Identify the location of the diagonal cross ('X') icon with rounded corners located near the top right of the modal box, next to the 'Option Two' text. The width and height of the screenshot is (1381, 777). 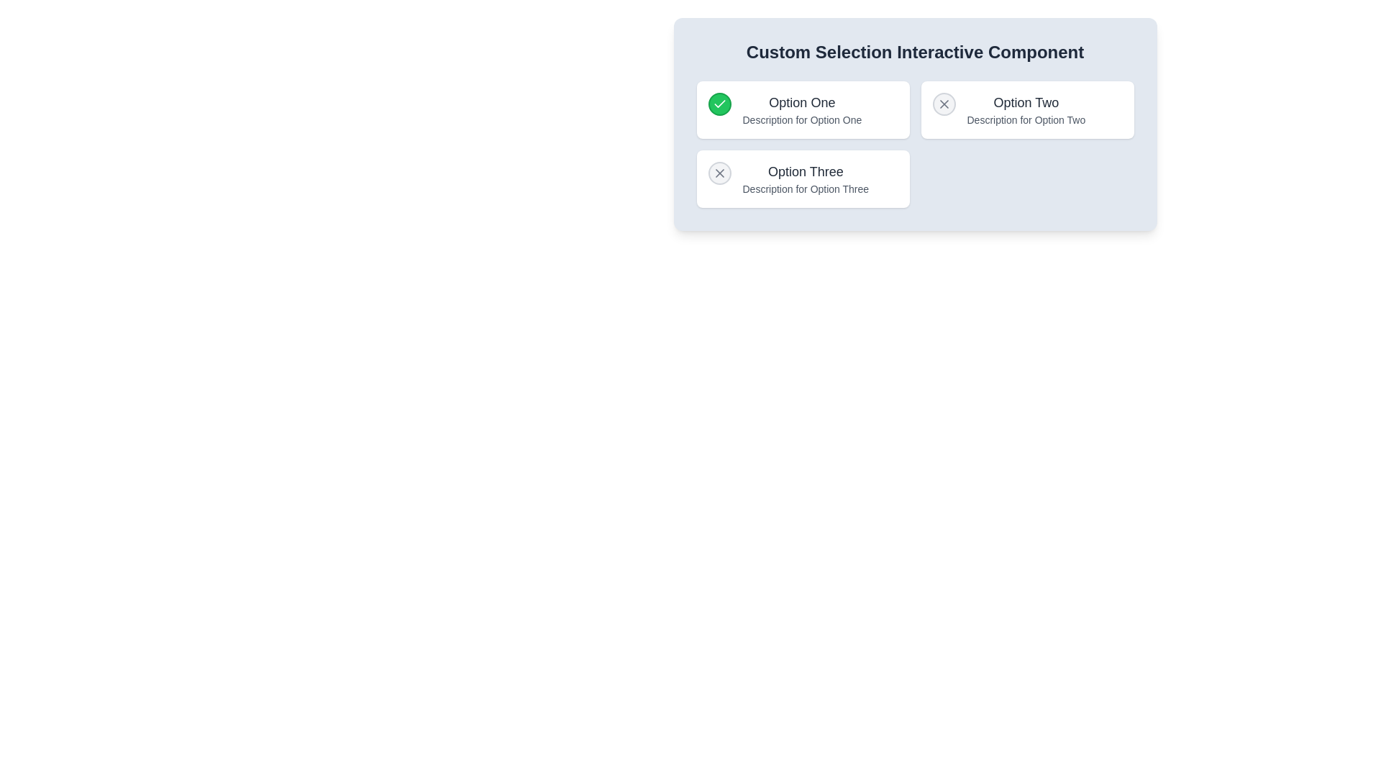
(719, 172).